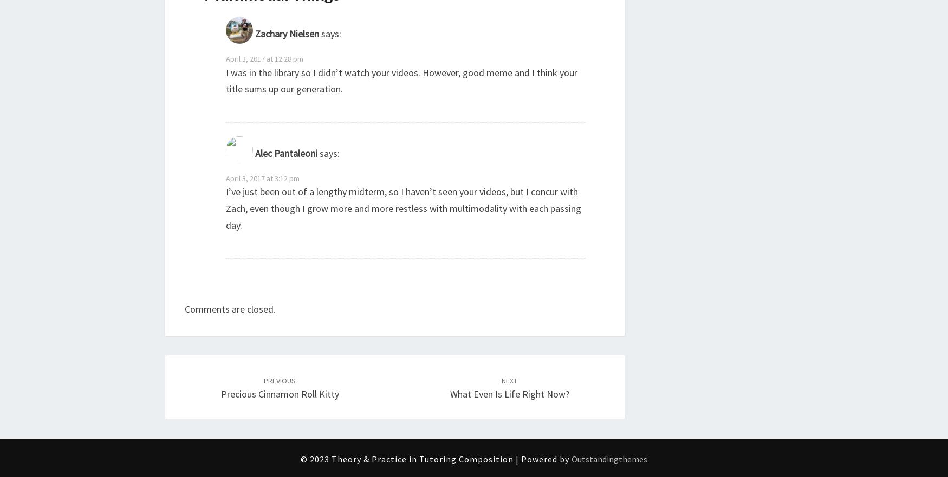 The image size is (948, 477). Describe the element at coordinates (230, 309) in the screenshot. I see `'Comments are closed.'` at that location.